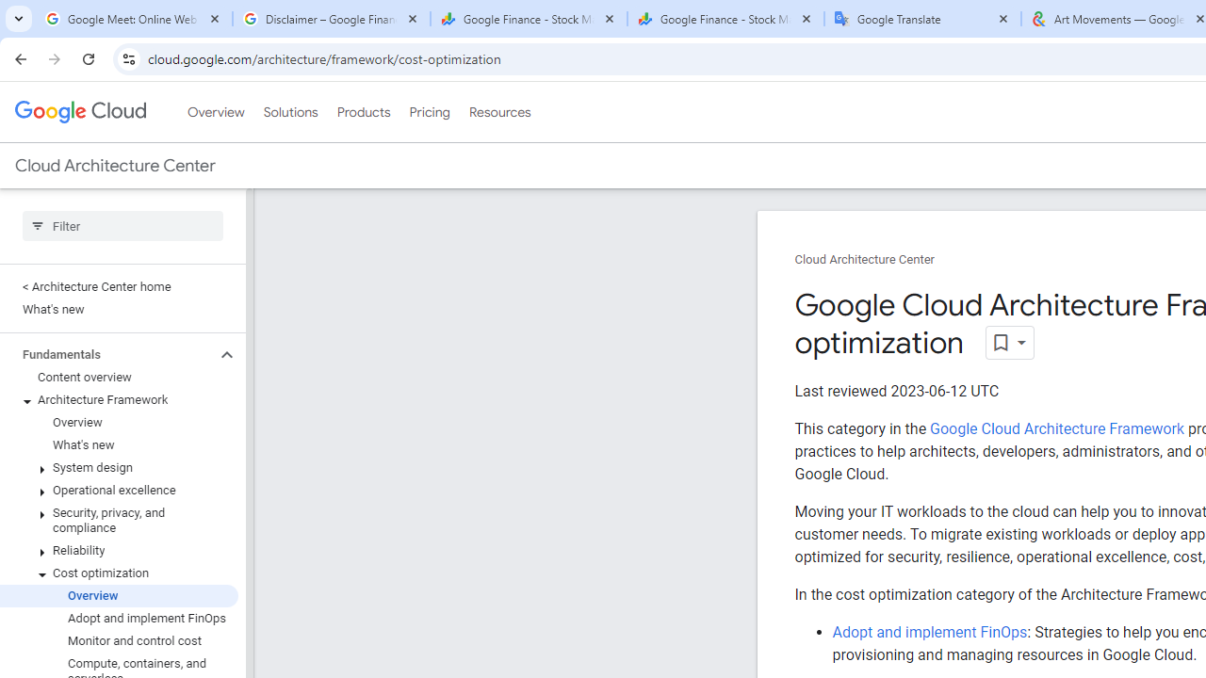 The width and height of the screenshot is (1206, 678). I want to click on 'Monitor and control cost', so click(118, 639).